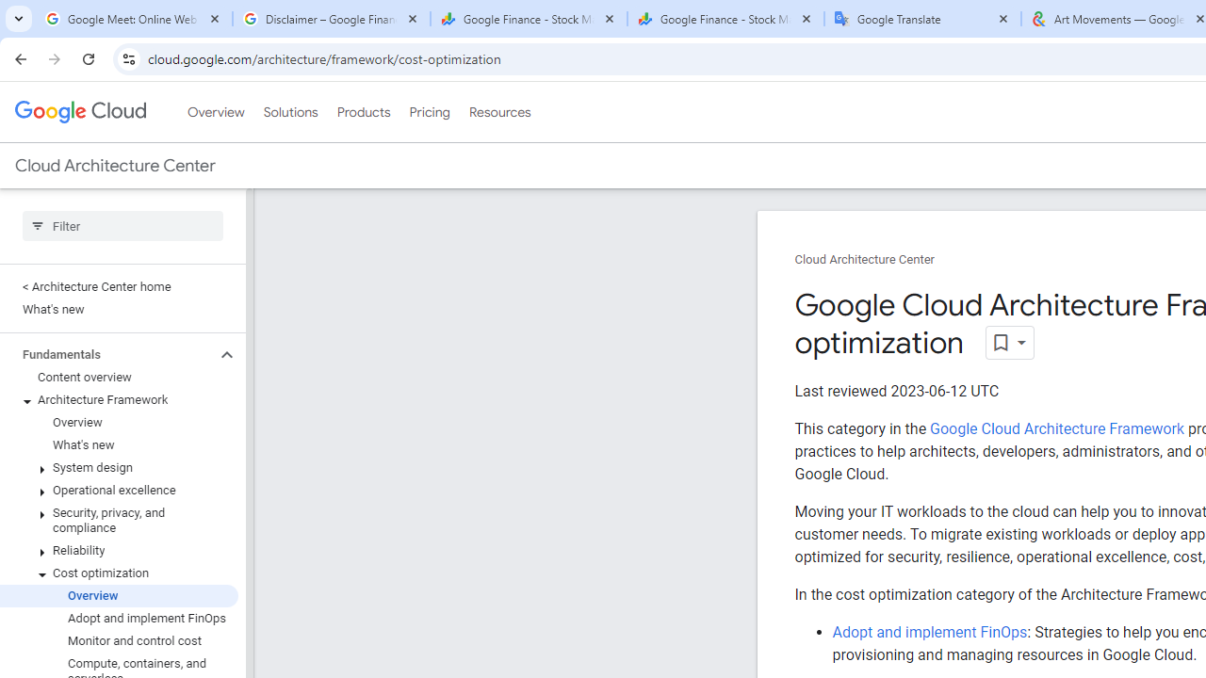 The width and height of the screenshot is (1206, 678). I want to click on 'Monitor and control cost', so click(118, 639).